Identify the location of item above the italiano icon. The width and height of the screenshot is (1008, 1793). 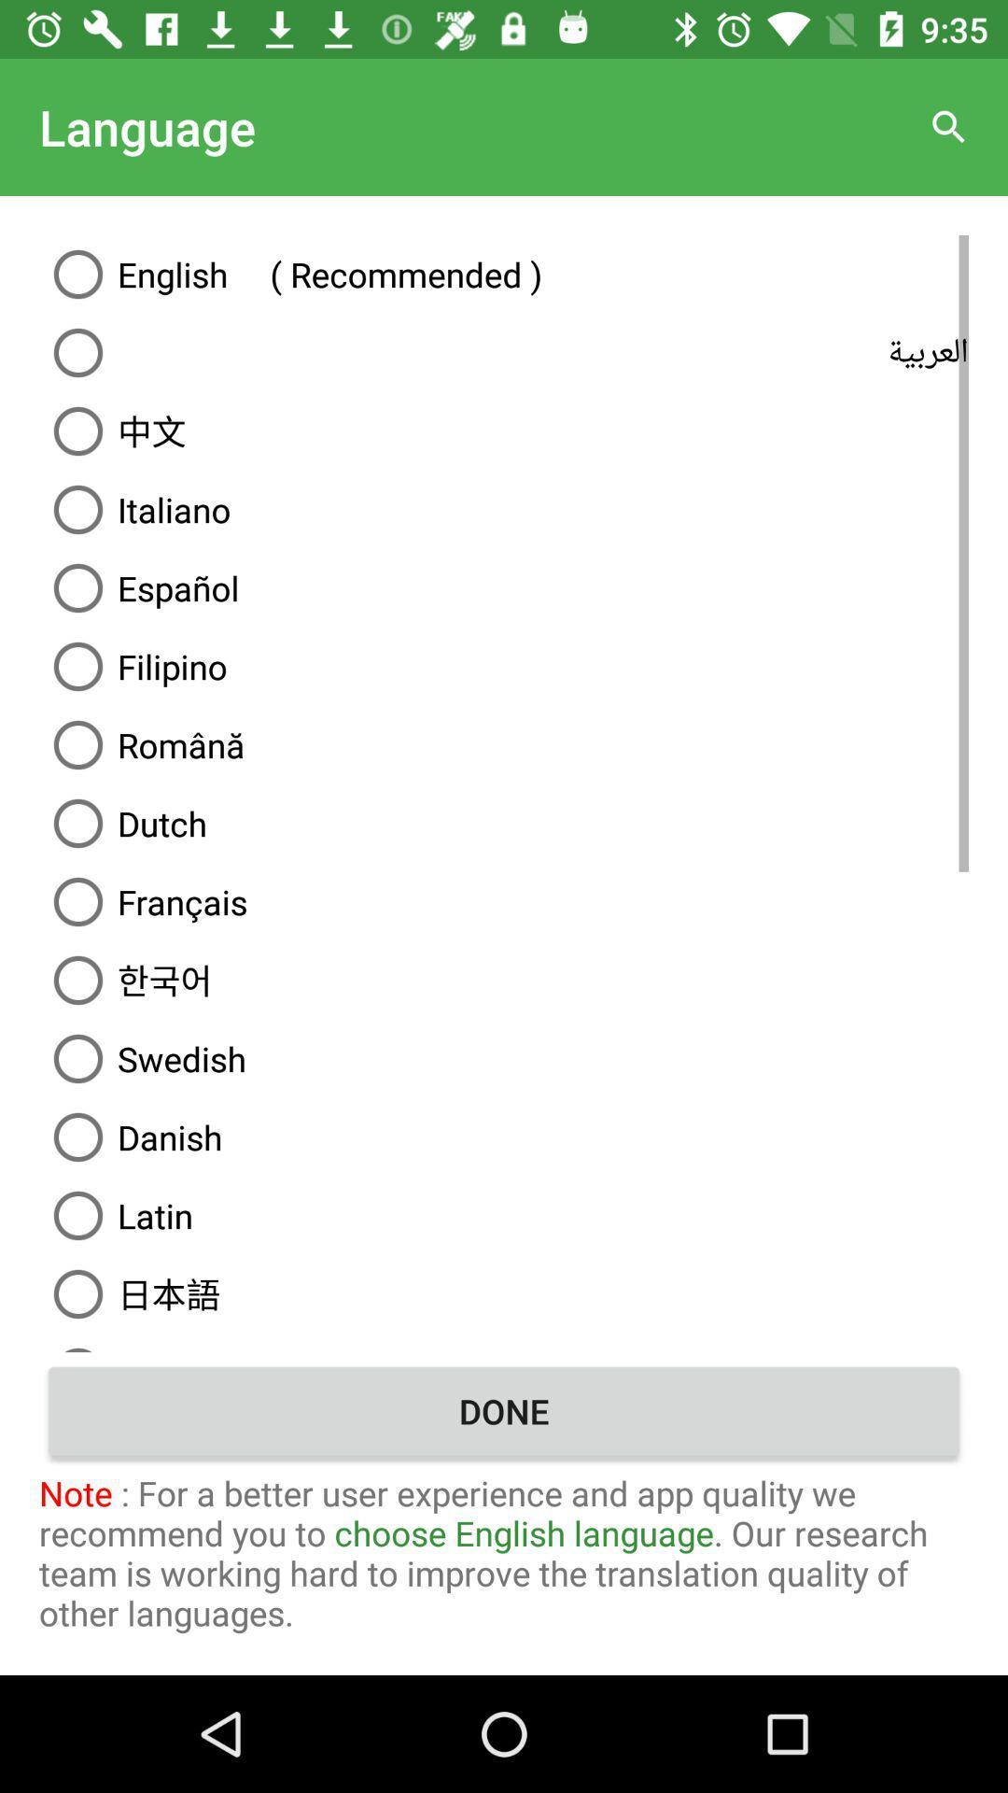
(504, 430).